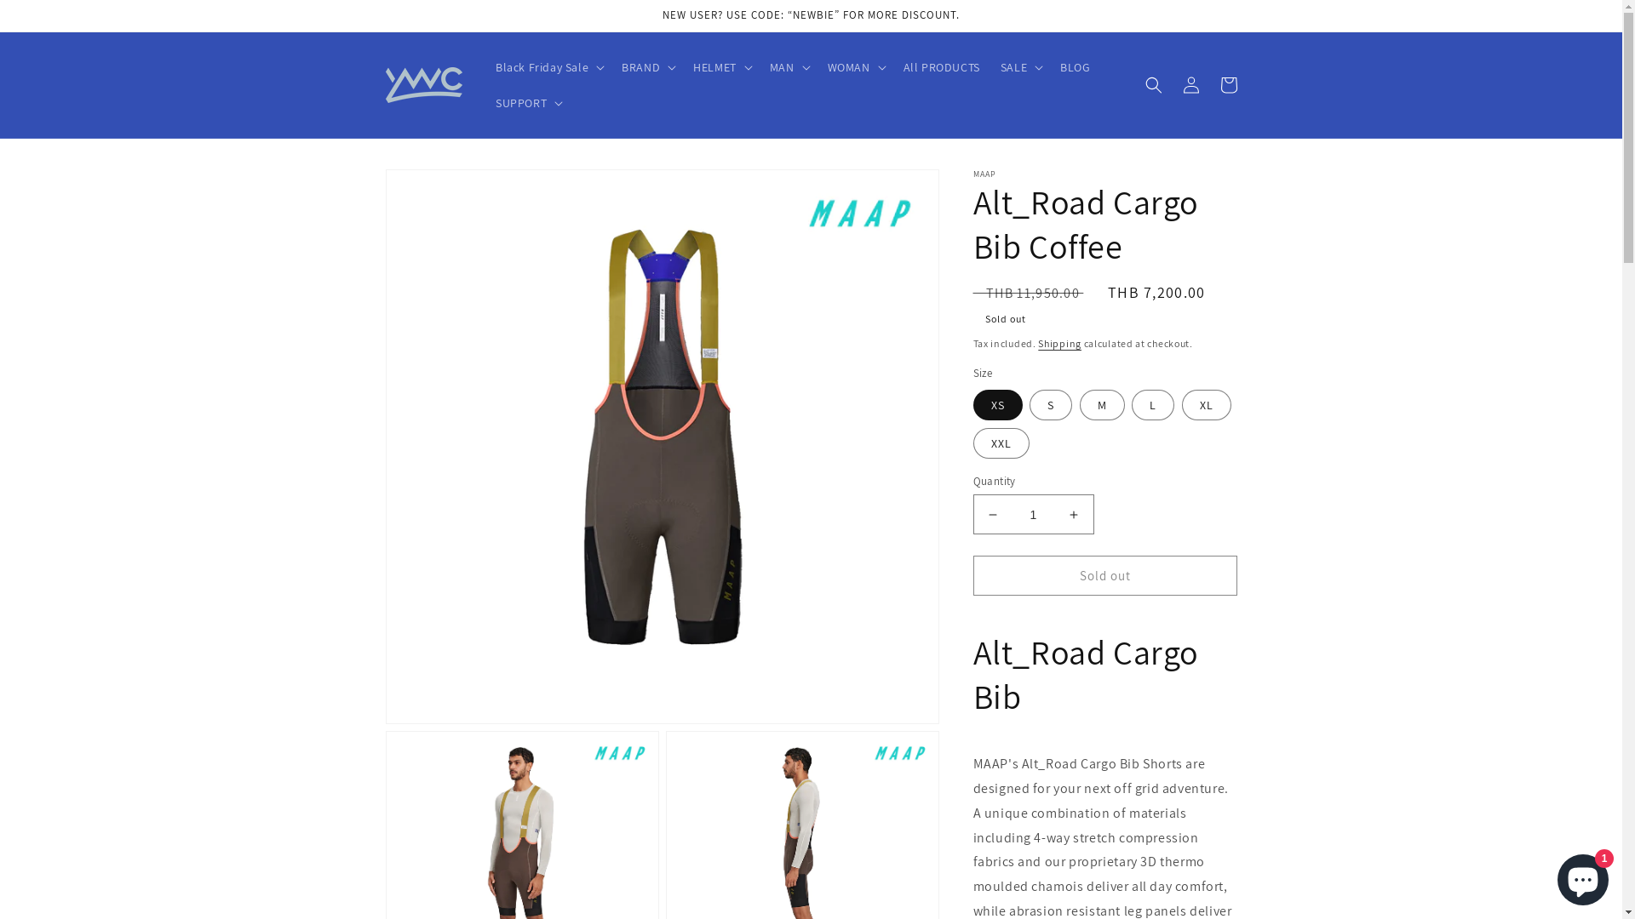 The height and width of the screenshot is (919, 1635). I want to click on 'BLOG', so click(1074, 66).